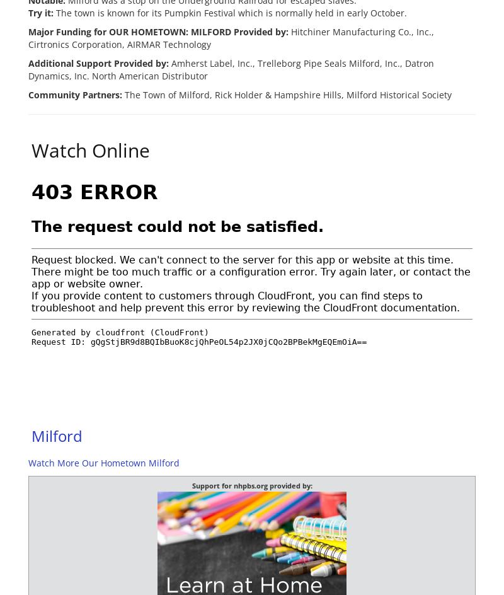 This screenshot has width=504, height=595. Describe the element at coordinates (104, 463) in the screenshot. I see `'Watch More Our Hometown Milford'` at that location.